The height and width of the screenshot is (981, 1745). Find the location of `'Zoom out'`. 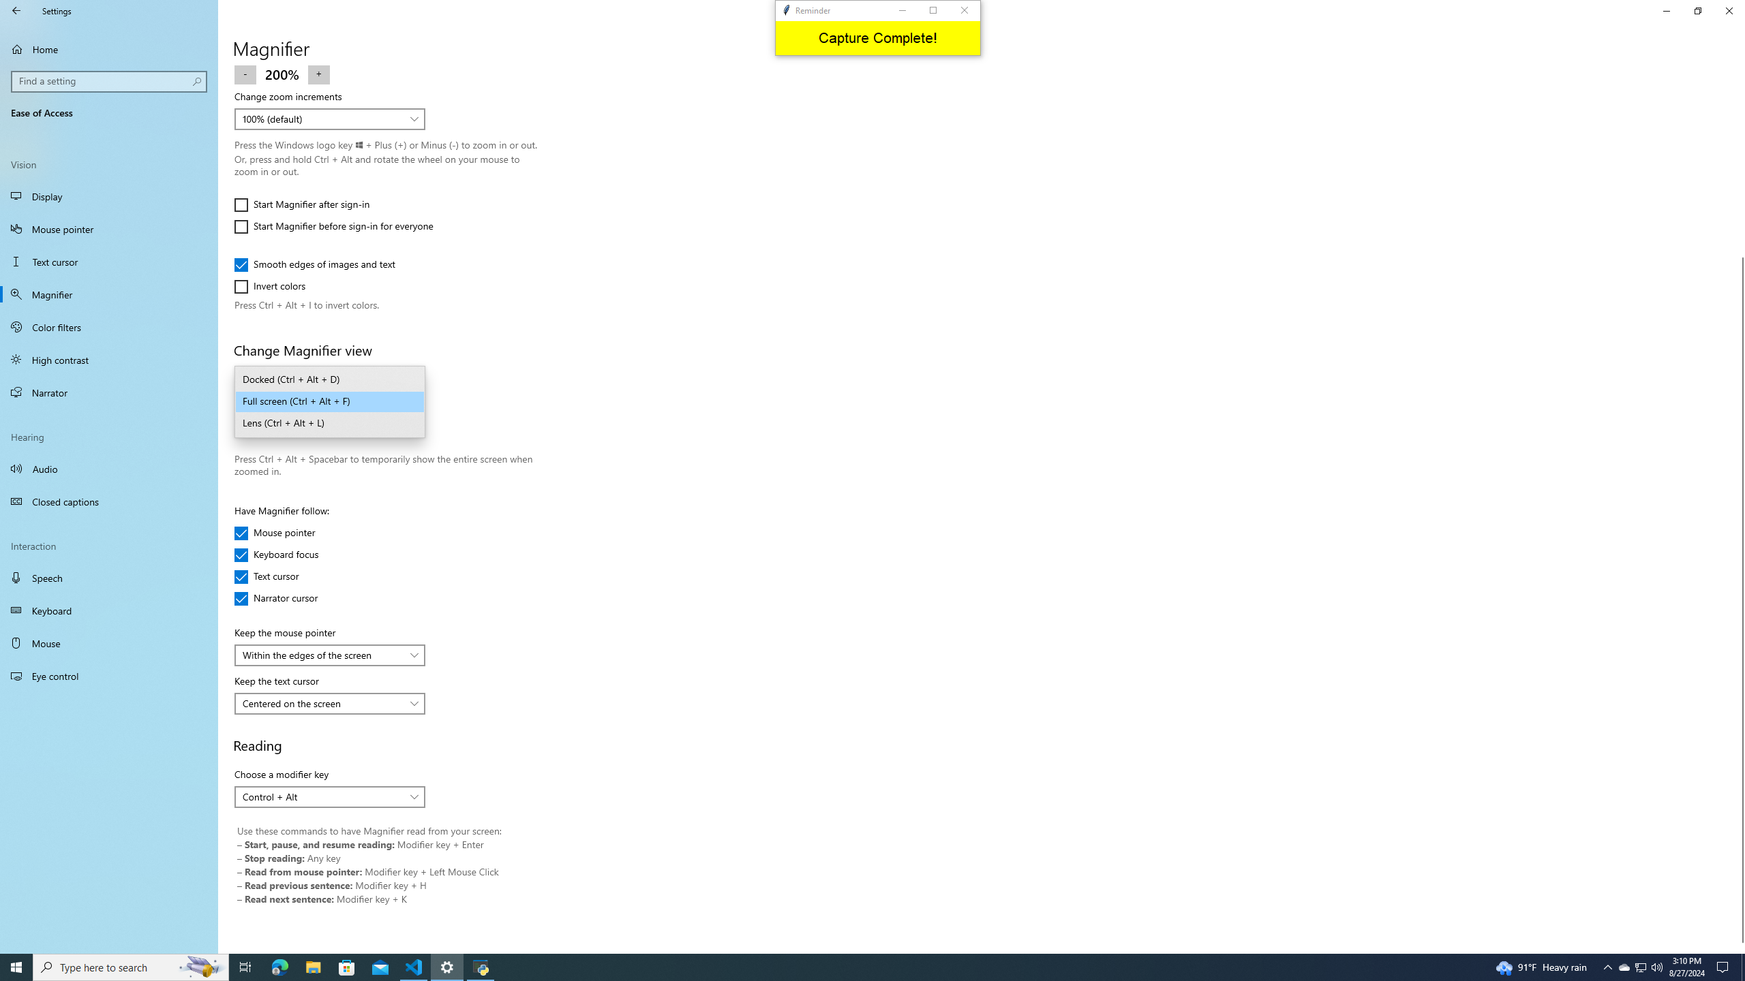

'Zoom out' is located at coordinates (244, 73).